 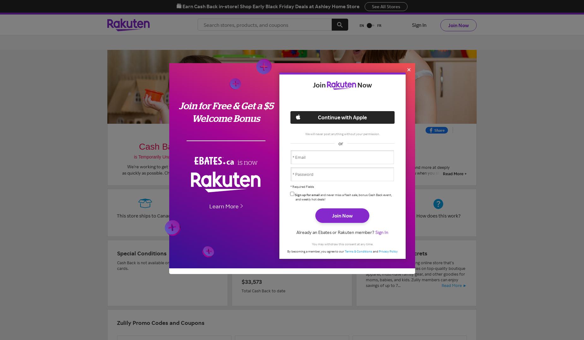 I want to click on 'Zulily Canada offers top brands in fashion, clothing, accessories, shoes, kitchen ware, bedding, home décor and more at deeply discounted prices. The brands and offerings change daily so there’s always a surprise bargain waiting for you when you shop at Zulily.', so click(x=337, y=170).